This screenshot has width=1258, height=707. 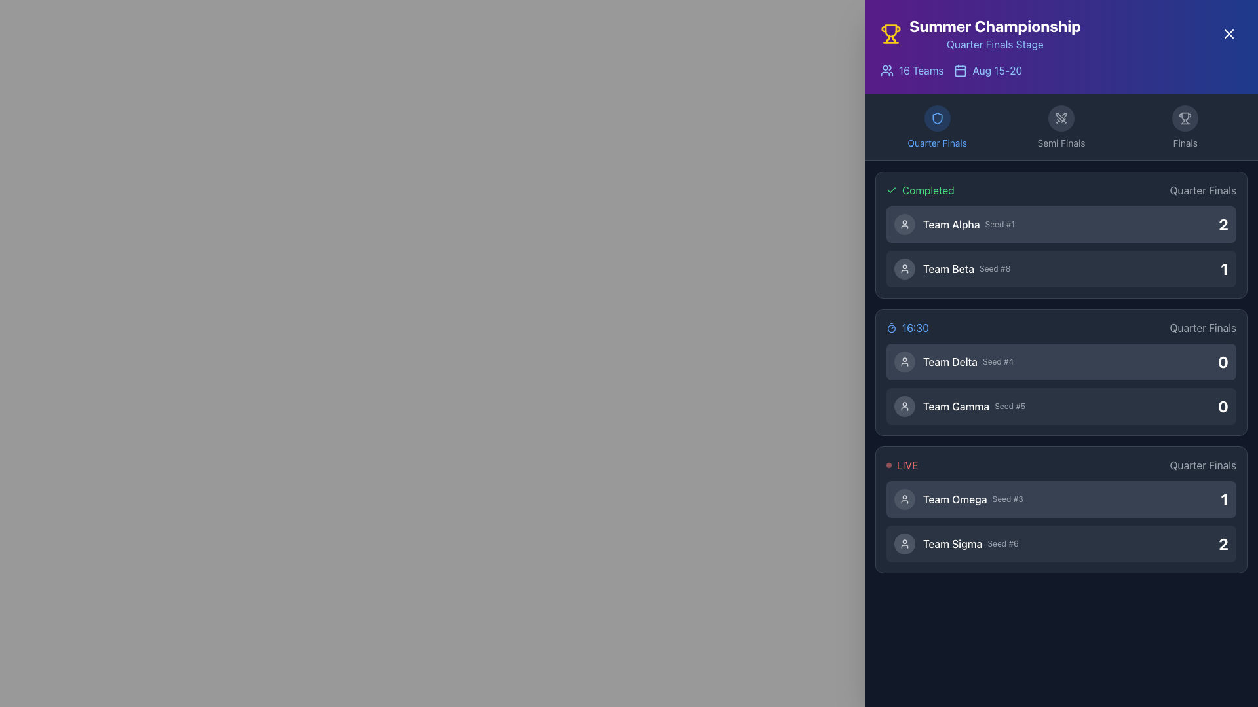 I want to click on the small text label displaying 'Seed #1' that is located immediately to the right of 'Team Alpha' in the Completed section, so click(x=999, y=224).